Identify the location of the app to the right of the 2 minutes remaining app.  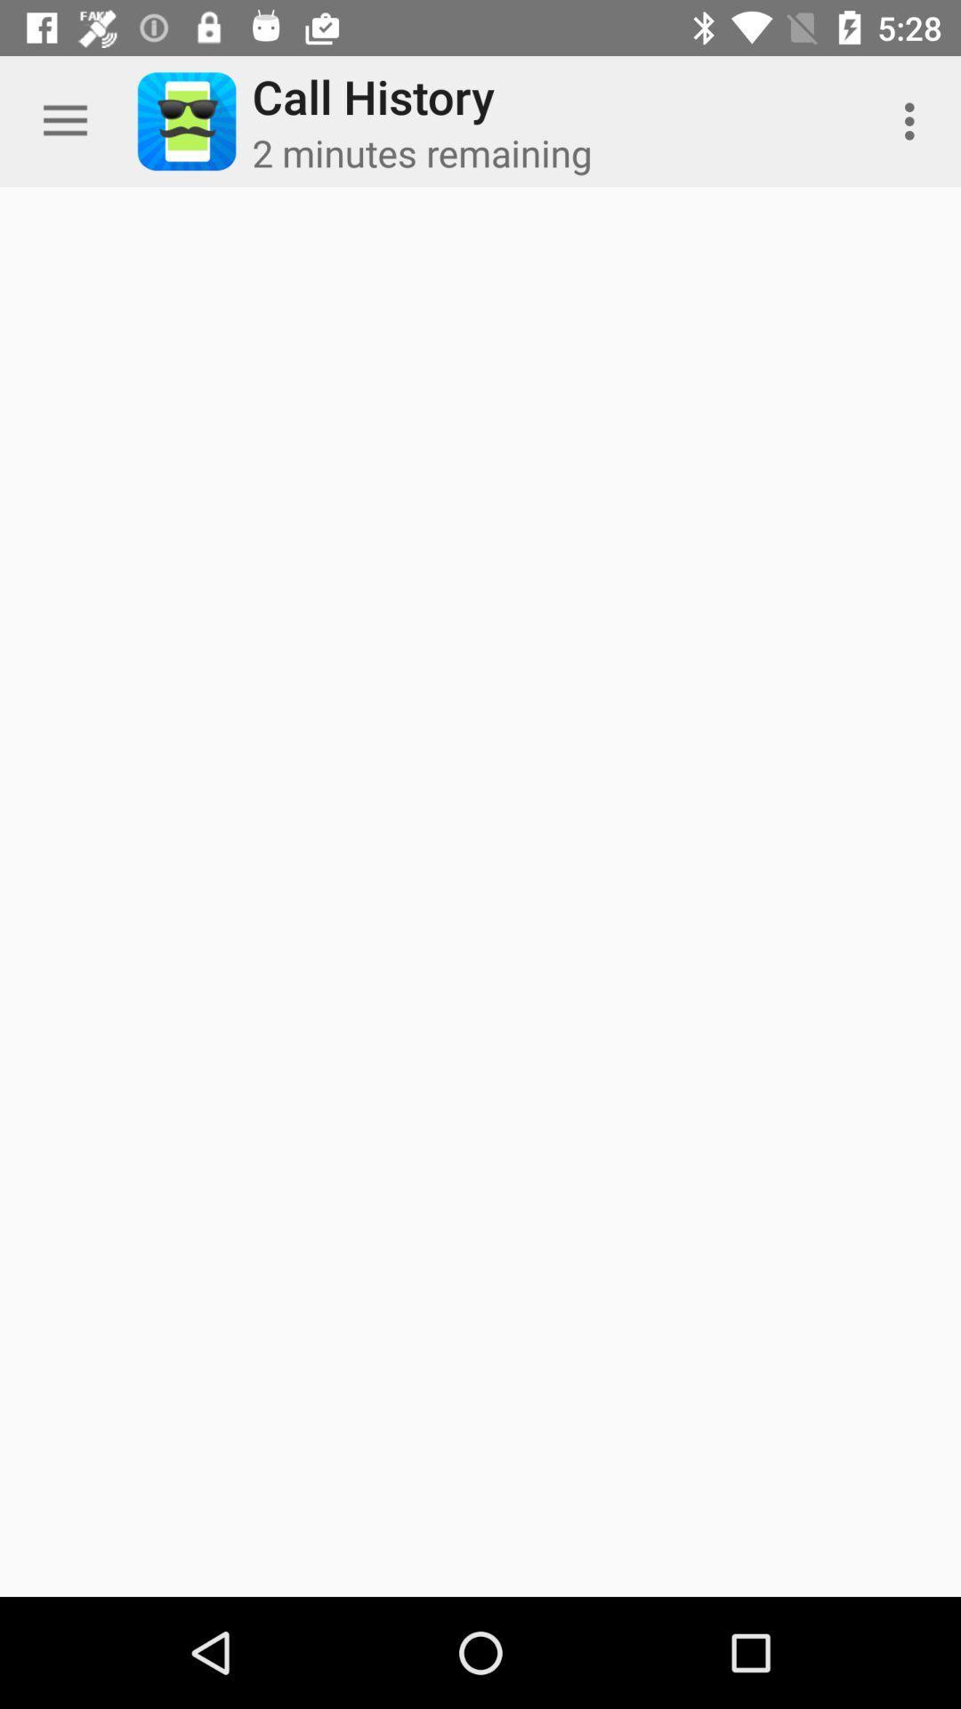
(914, 120).